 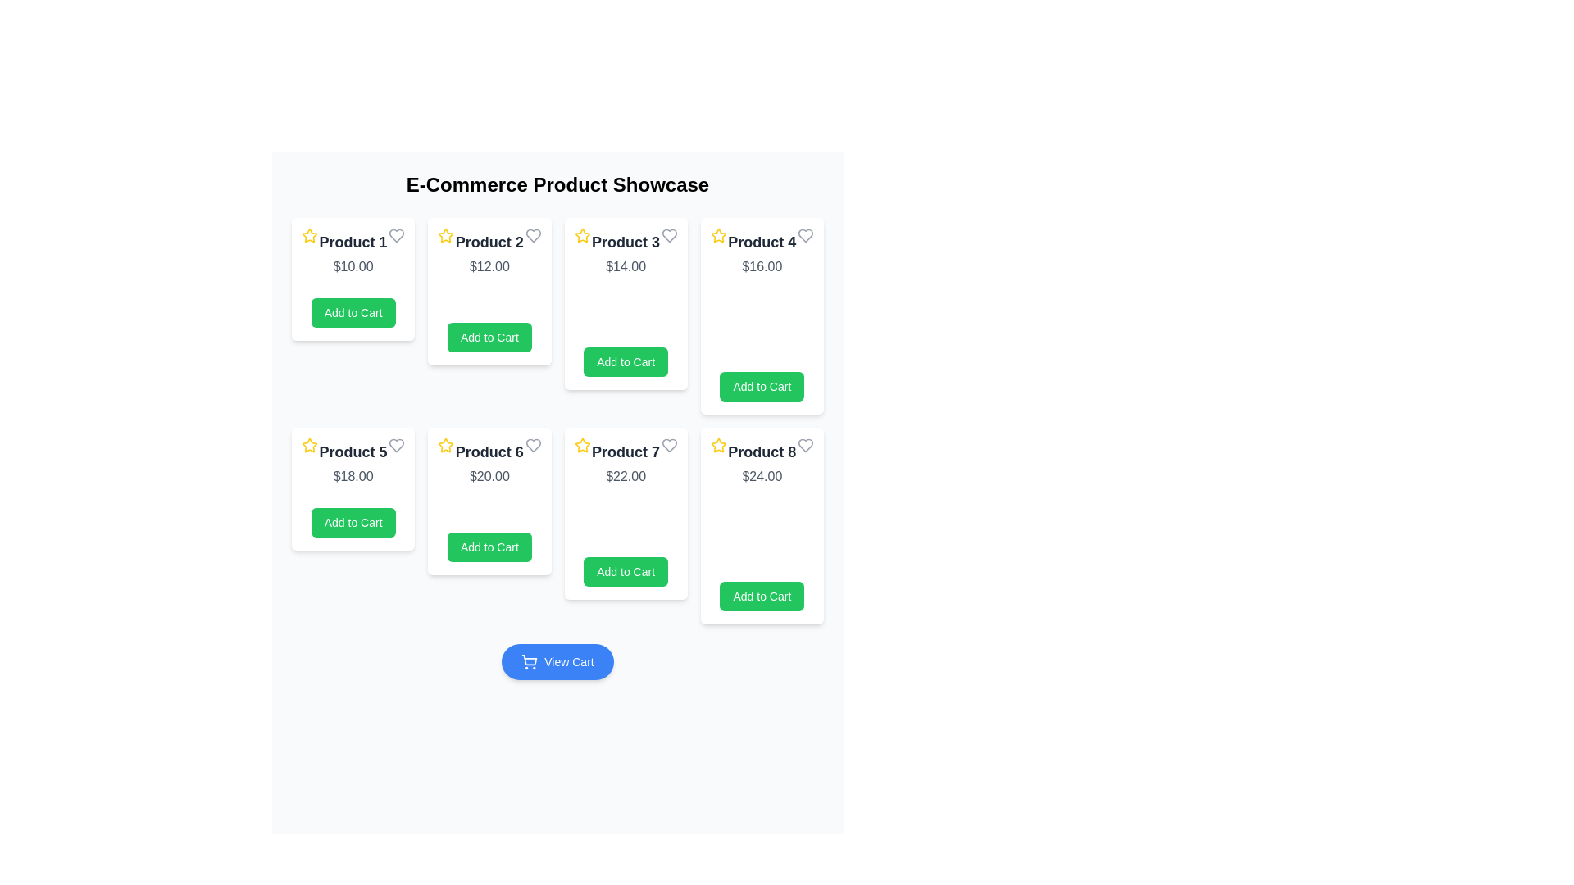 I want to click on the yellow star icon located at the top-left corner of the card for 'Product 4' to mark or unmark it as a favorite, so click(x=718, y=236).